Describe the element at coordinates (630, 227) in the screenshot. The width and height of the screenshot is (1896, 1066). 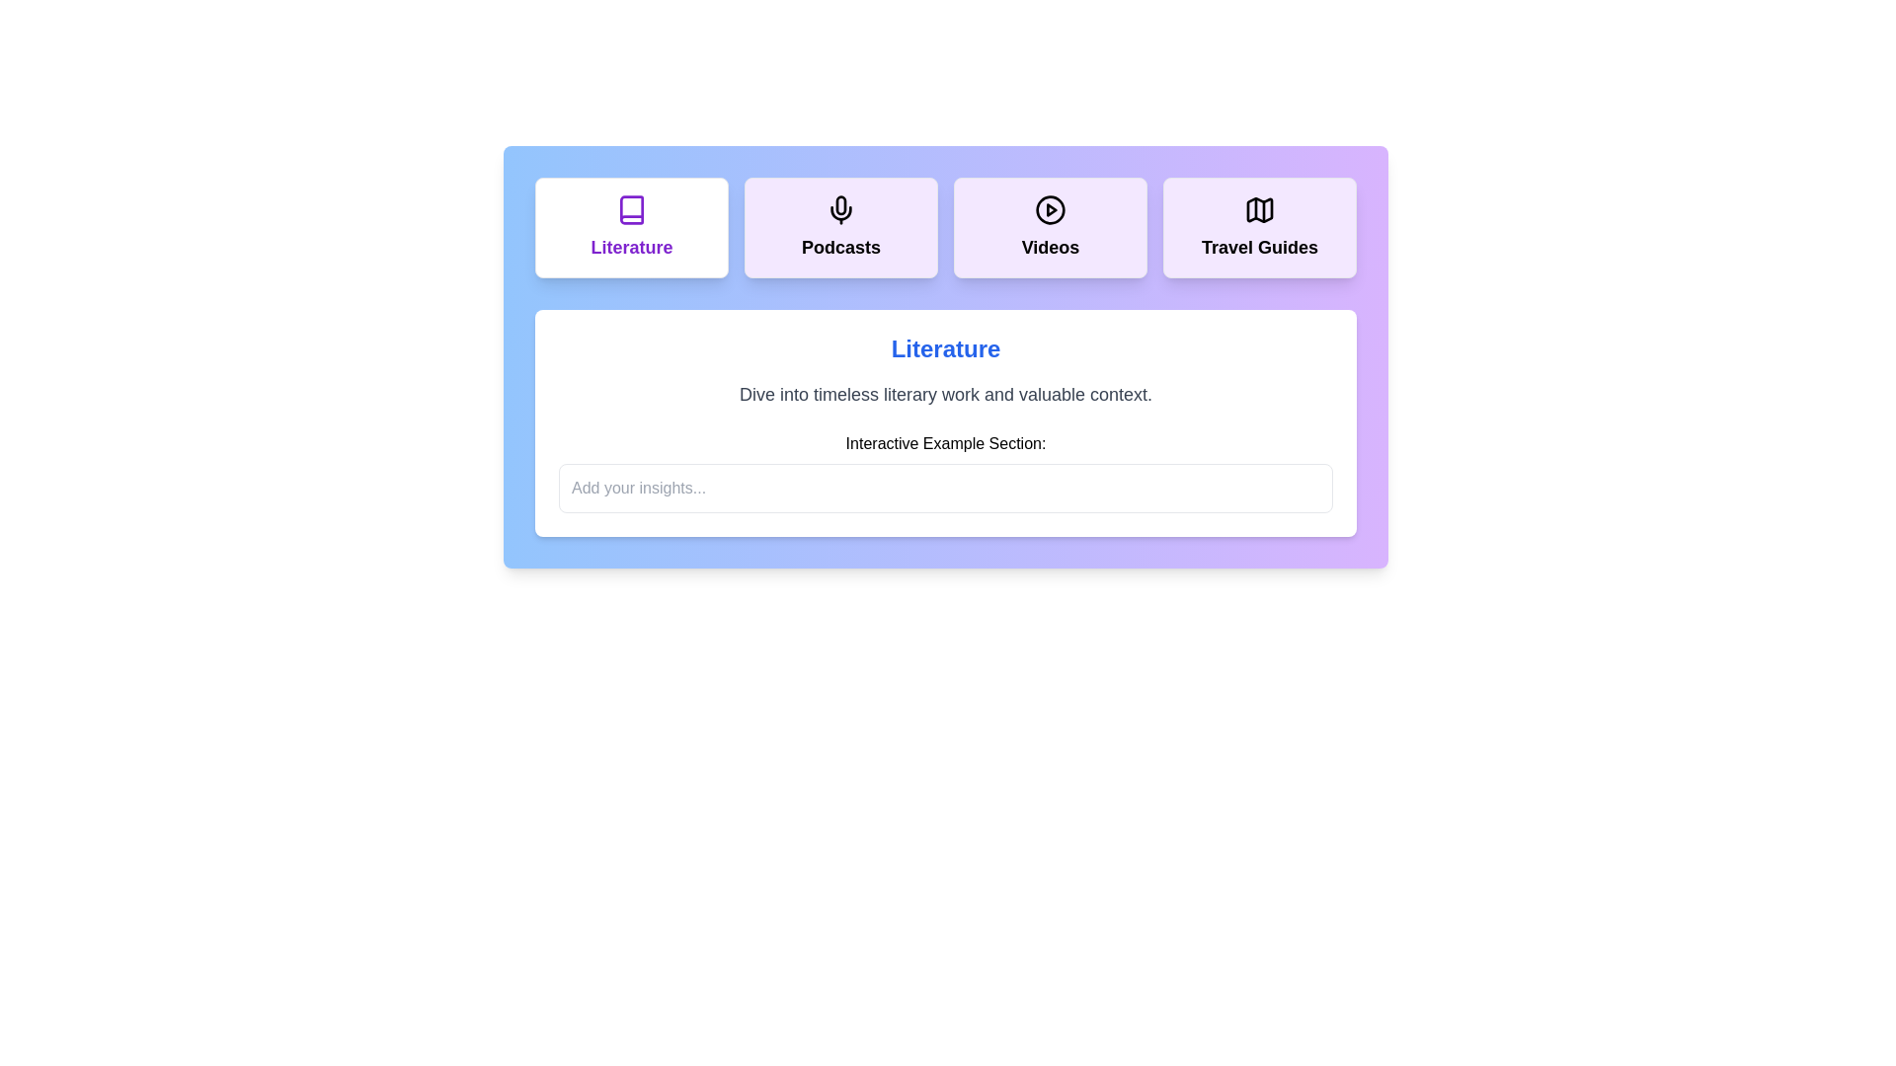
I see `the tab titled 'Literature'` at that location.